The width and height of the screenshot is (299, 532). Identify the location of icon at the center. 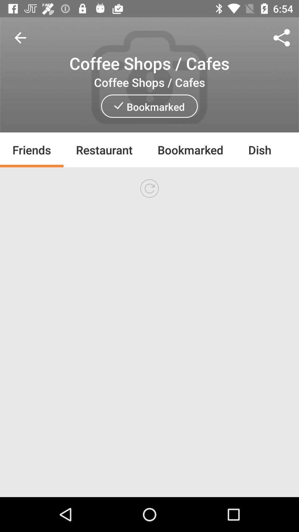
(149, 188).